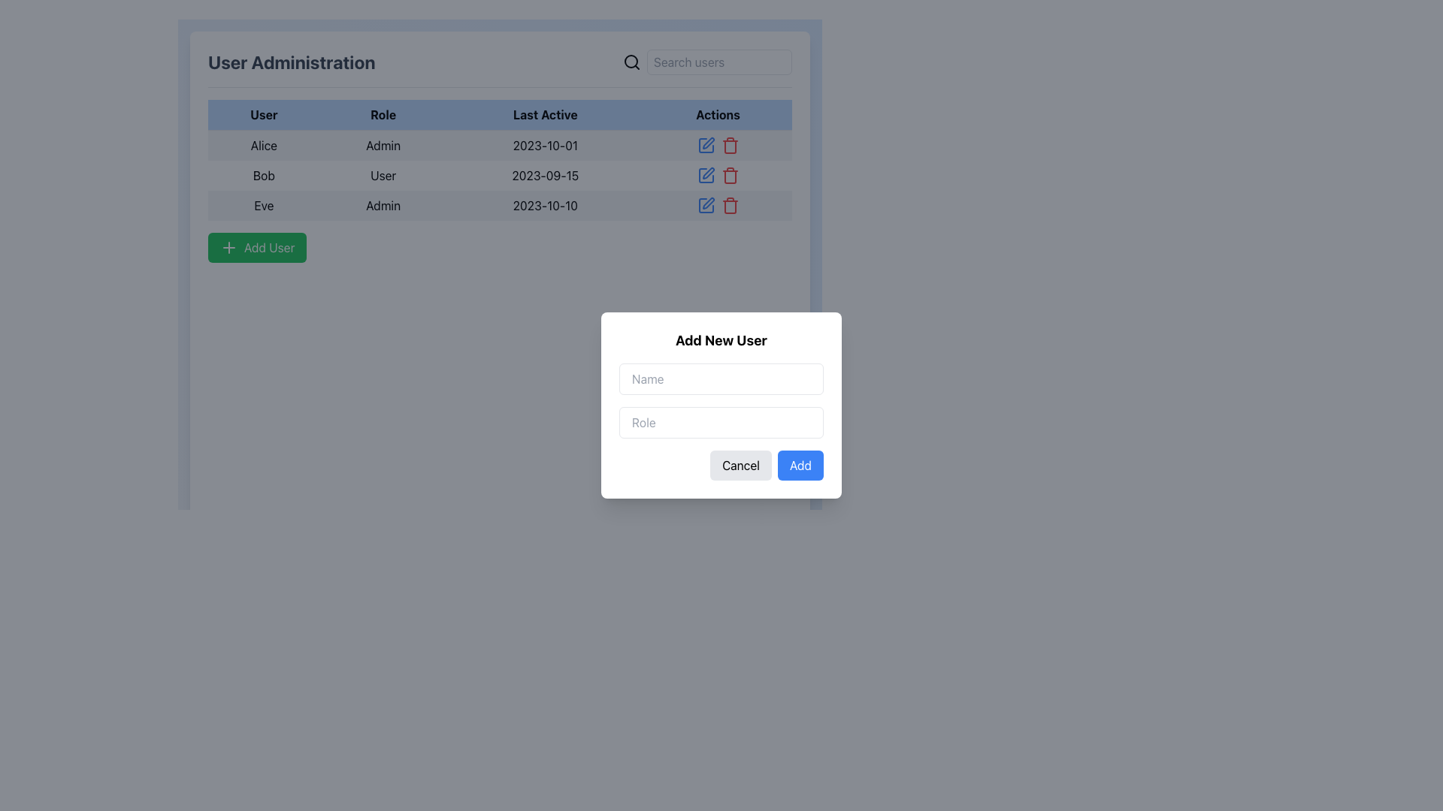  Describe the element at coordinates (228, 247) in the screenshot. I see `the small plus sign icon with a green background and white lines, located on the left side of the 'Add User' button in the 'User Administration' section, to initiate the user addition process` at that location.